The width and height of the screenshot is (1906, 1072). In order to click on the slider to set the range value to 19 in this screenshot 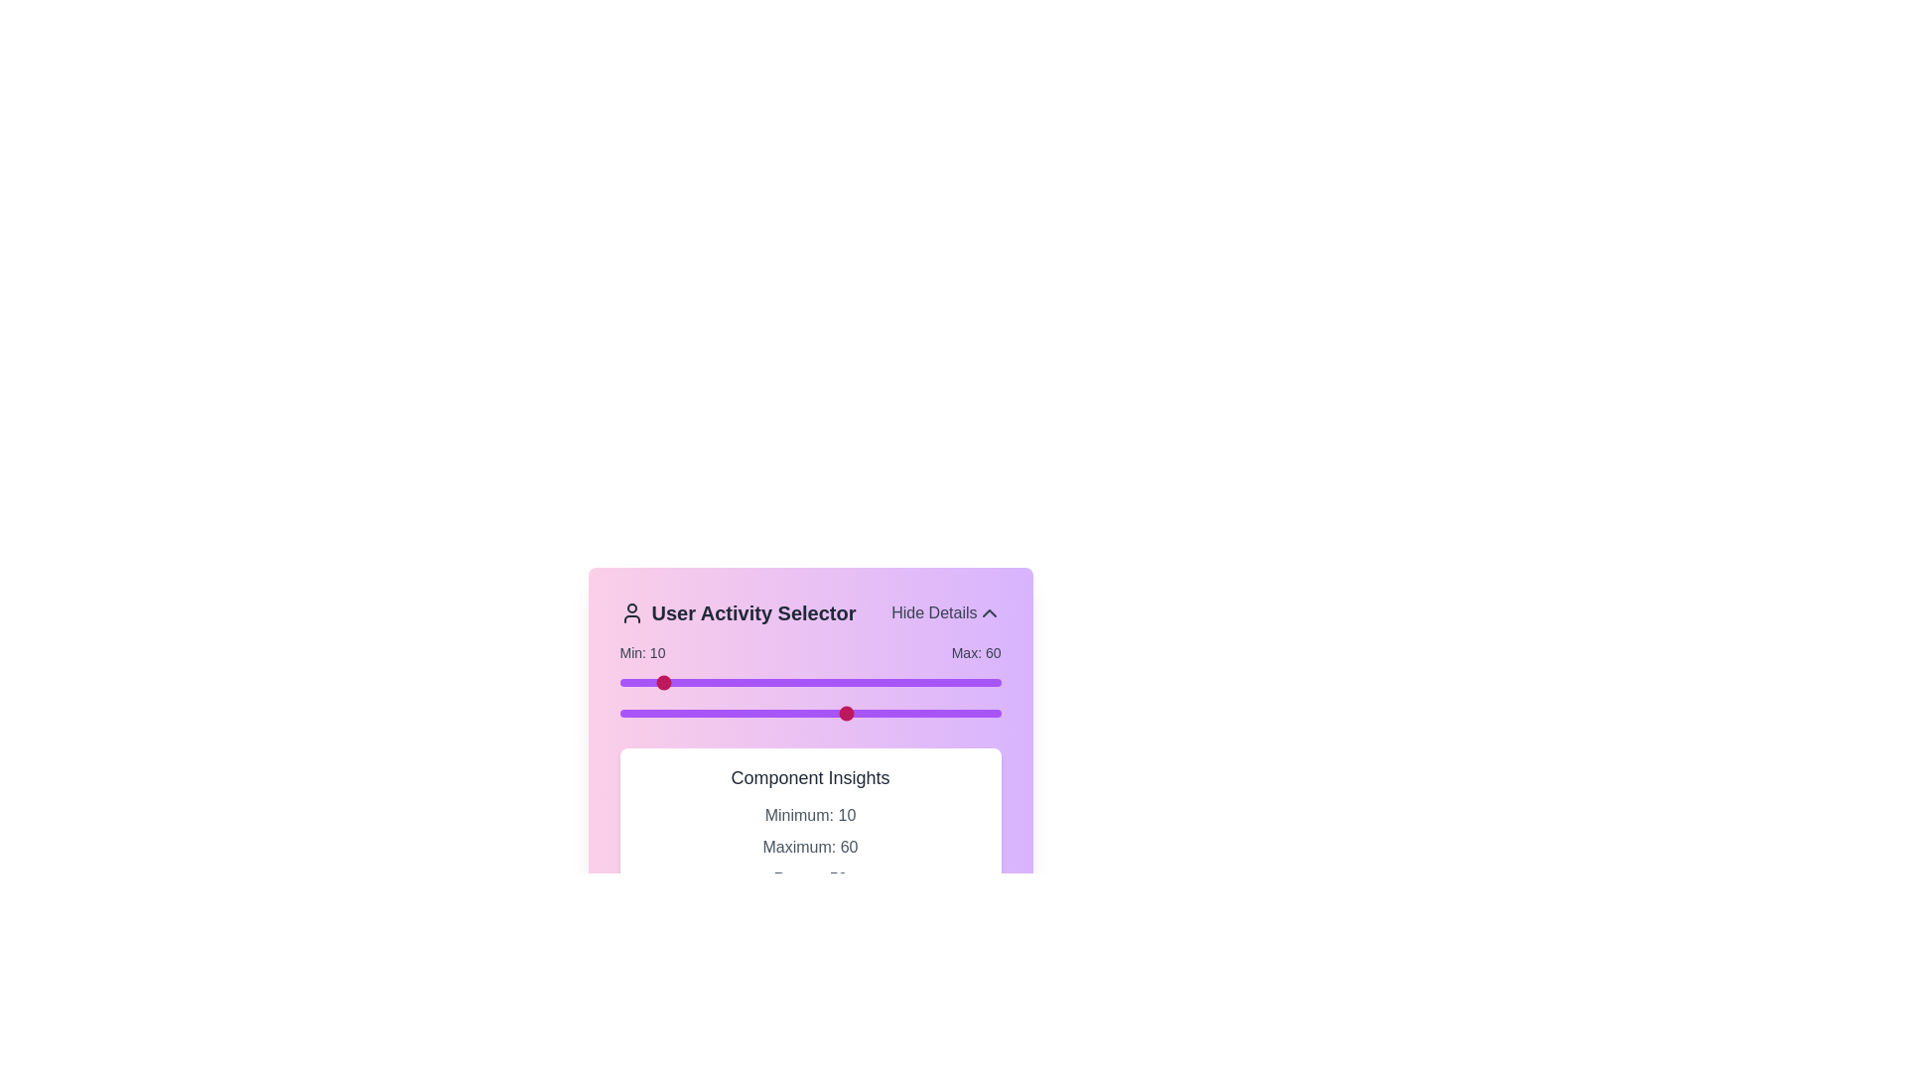, I will do `click(692, 681)`.